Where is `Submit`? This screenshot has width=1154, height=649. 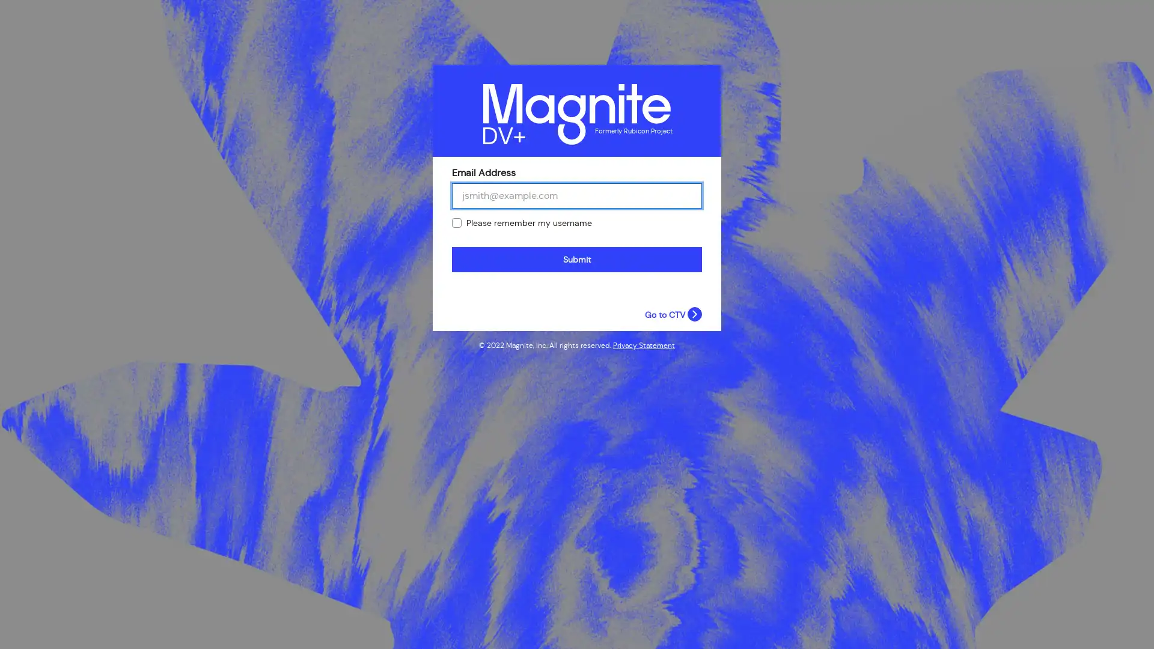
Submit is located at coordinates (577, 259).